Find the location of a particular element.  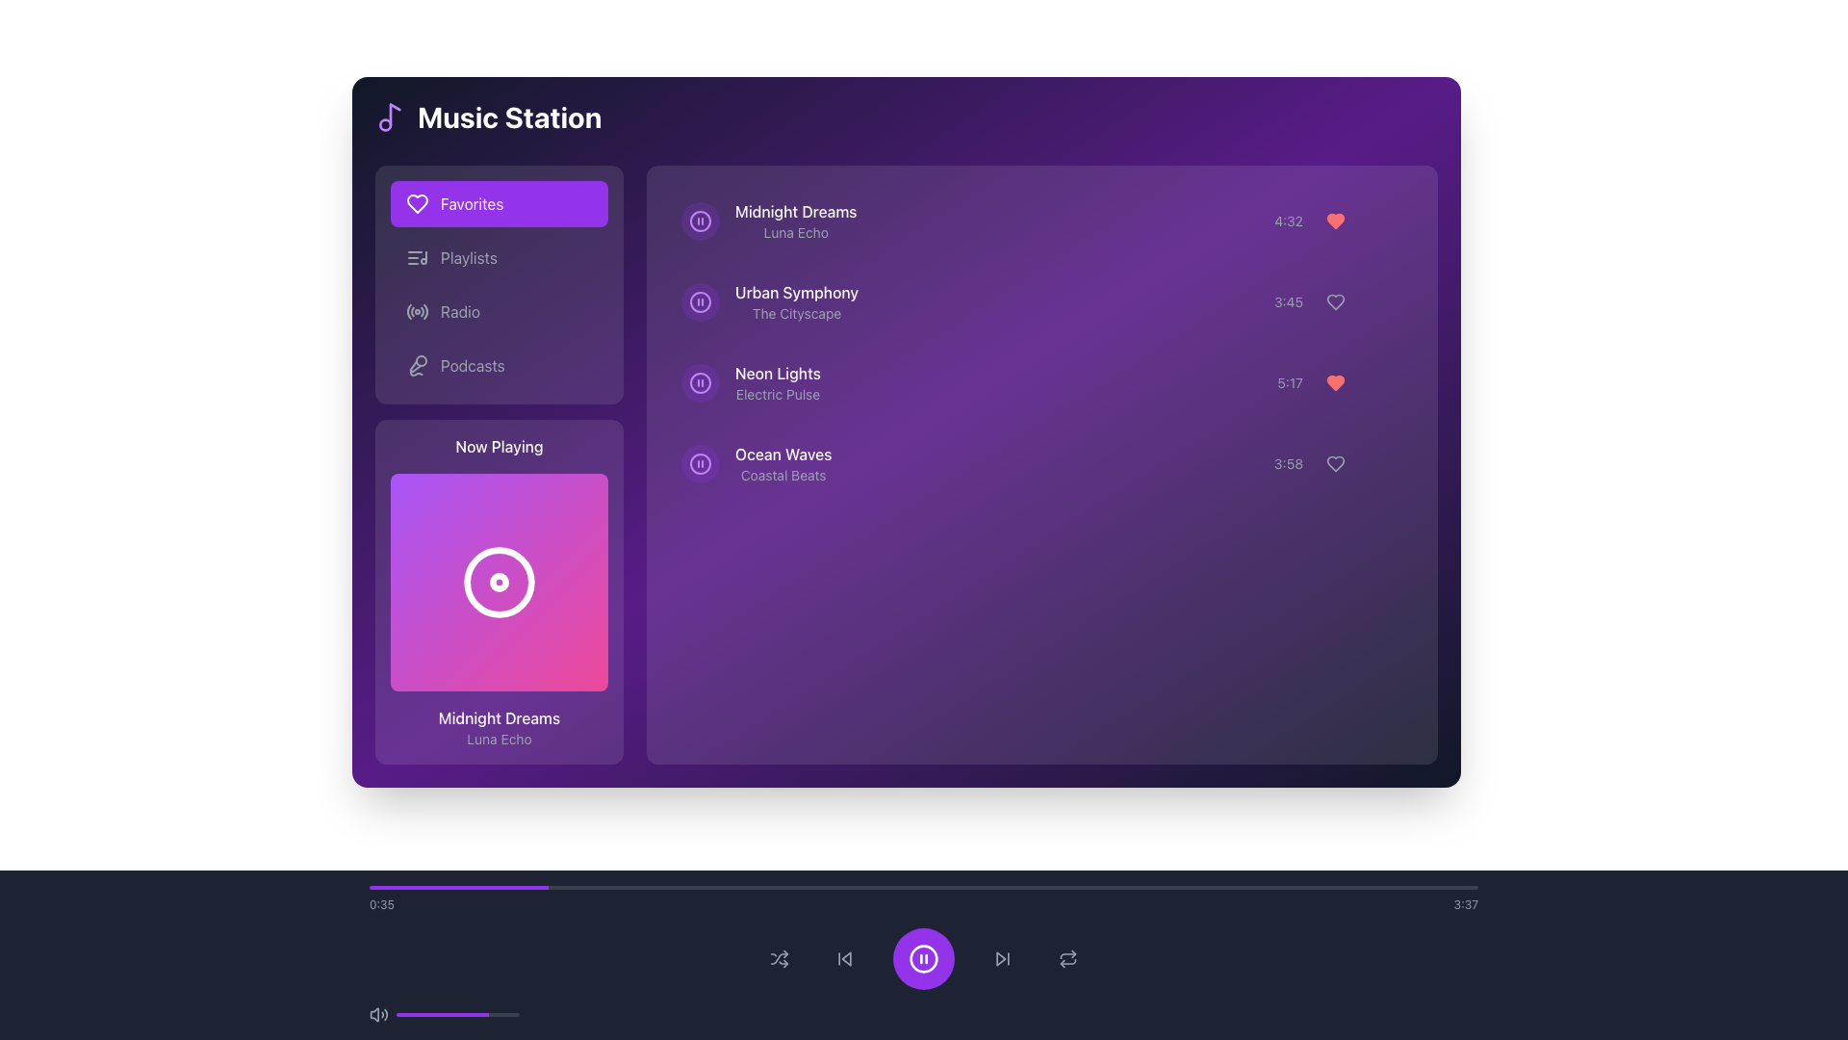

the progress bar located at the bottom of the application interface is located at coordinates (924, 898).